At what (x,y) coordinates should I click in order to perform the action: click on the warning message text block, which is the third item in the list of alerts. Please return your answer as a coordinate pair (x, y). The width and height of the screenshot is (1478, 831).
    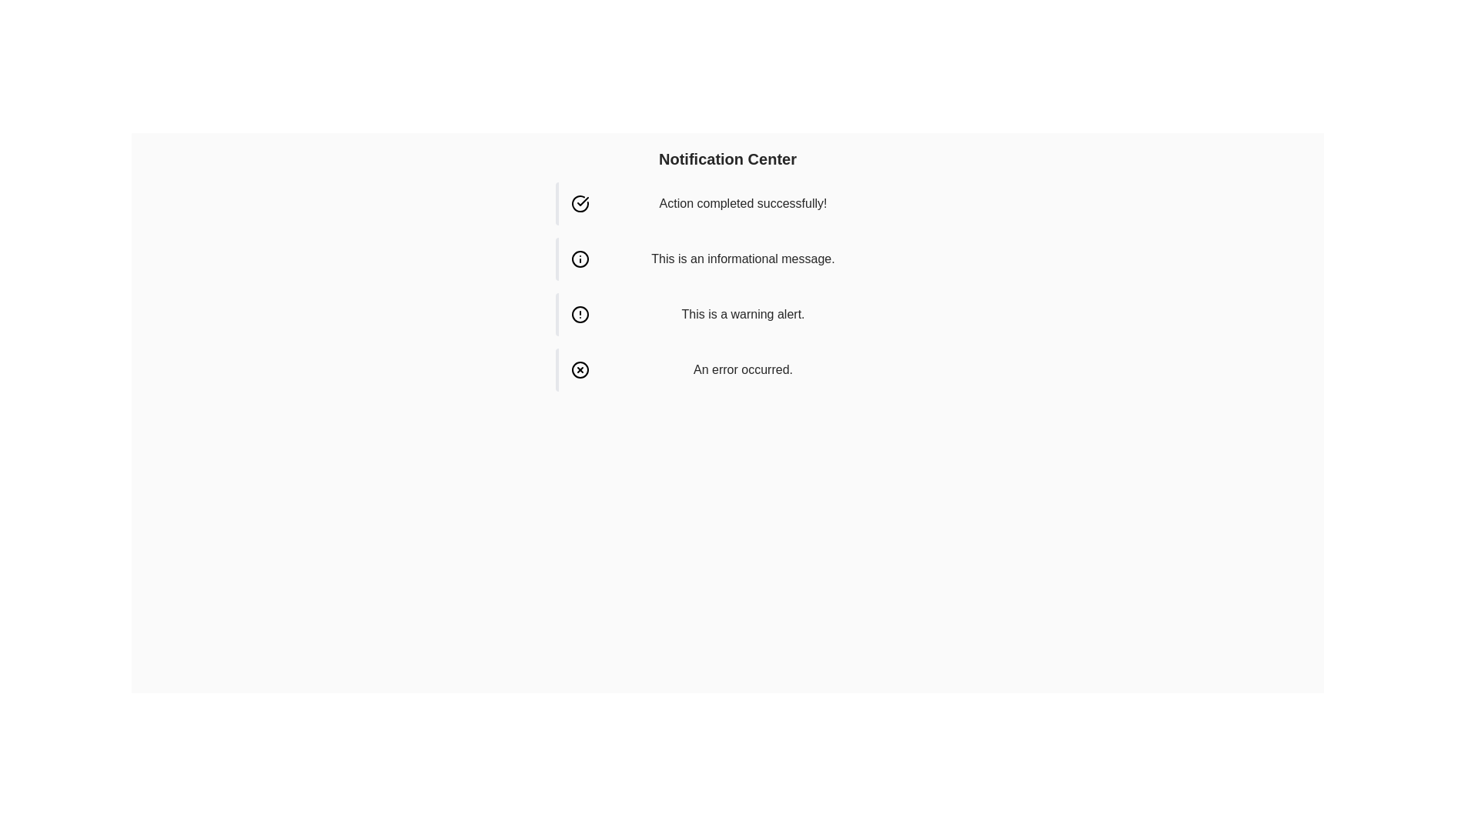
    Looking at the image, I should click on (743, 313).